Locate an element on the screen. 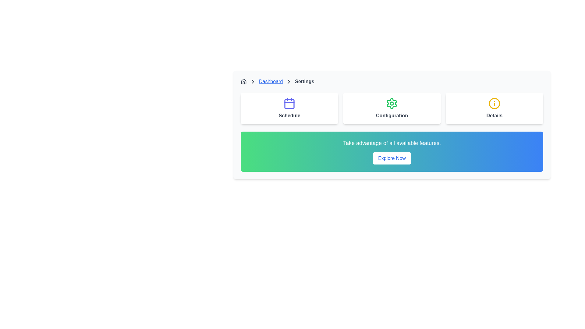 The image size is (585, 329). the green gear icon located above the text 'Configuration' to initiate navigation or action is located at coordinates (392, 103).